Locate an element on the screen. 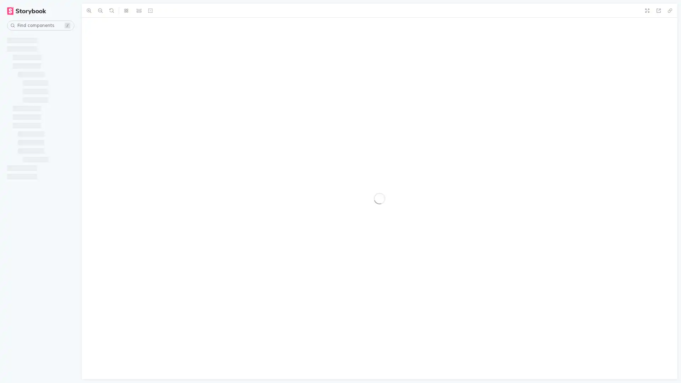 The image size is (681, 383). Go full screen [F] is located at coordinates (670, 11).